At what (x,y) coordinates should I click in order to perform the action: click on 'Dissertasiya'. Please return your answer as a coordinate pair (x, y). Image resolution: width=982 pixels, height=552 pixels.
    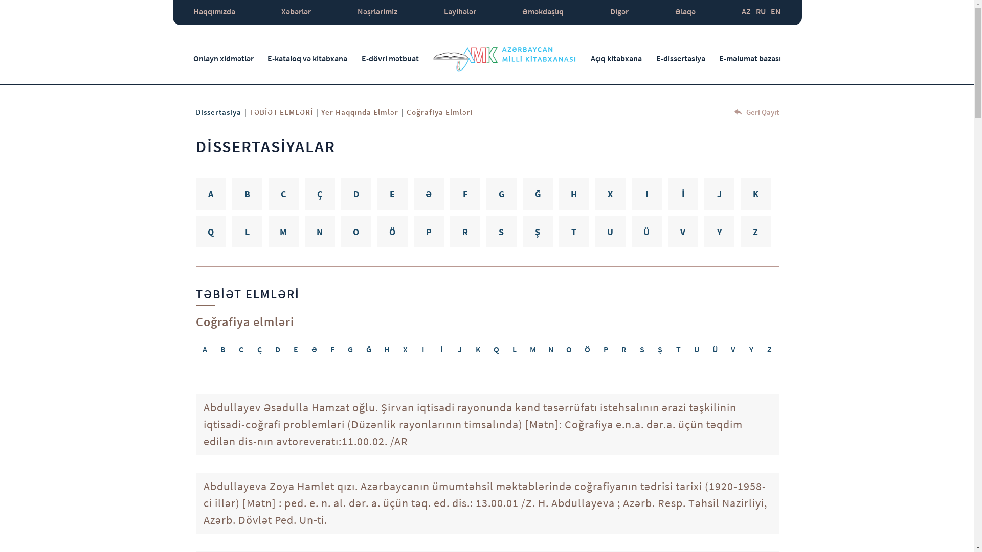
    Looking at the image, I should click on (195, 112).